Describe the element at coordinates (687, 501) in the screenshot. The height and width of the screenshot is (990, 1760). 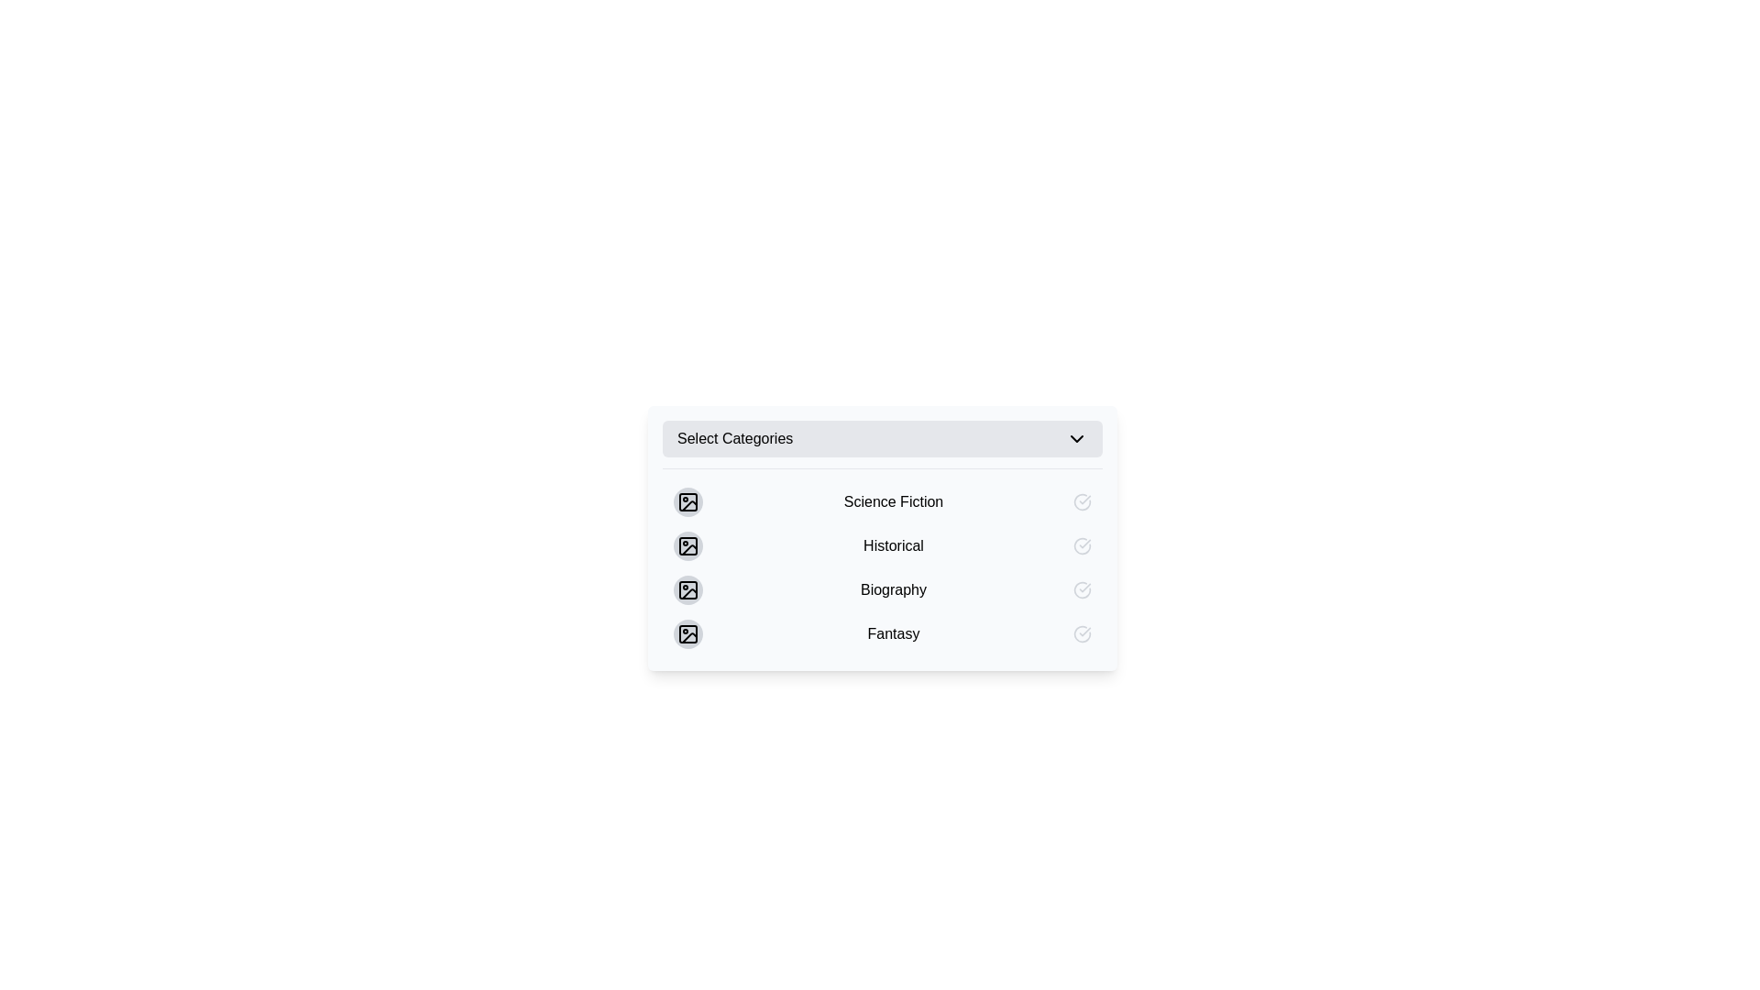
I see `the circular icon button positioned at the very left of the 'Science Fiction' text in the first row of the category selection list` at that location.